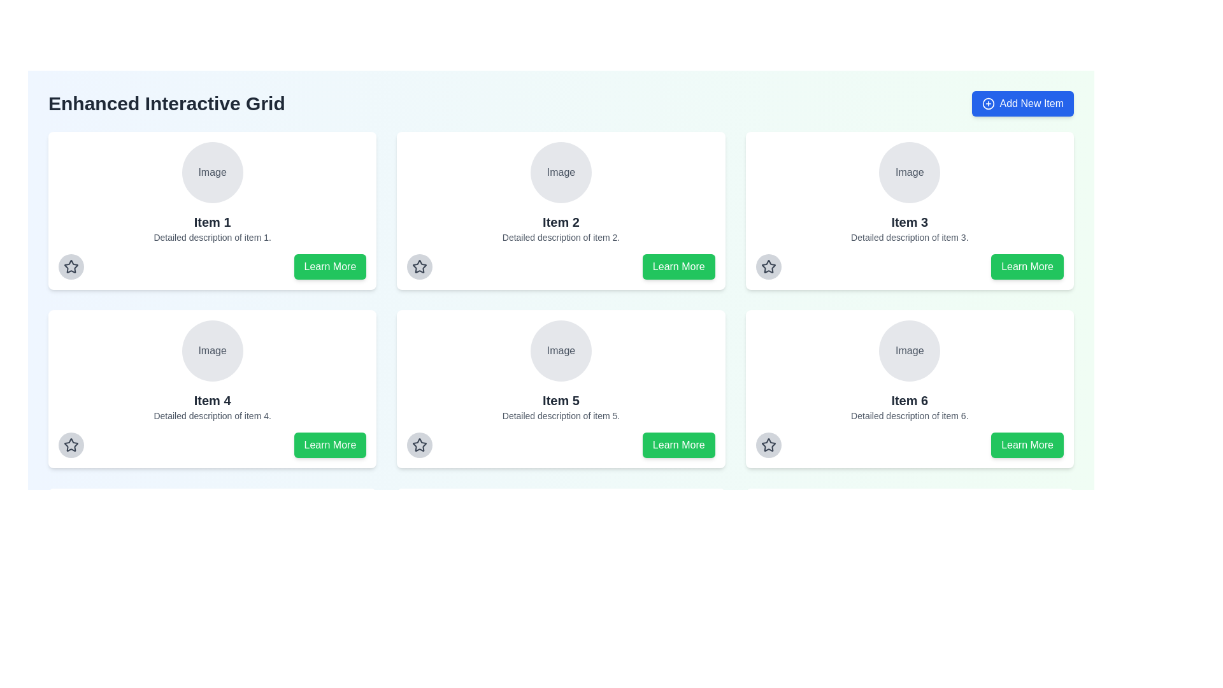 This screenshot has height=688, width=1223. I want to click on the text label that serves as a title for the fourth card in the grid layout, positioned below the circular image and above the detailed description, so click(212, 399).